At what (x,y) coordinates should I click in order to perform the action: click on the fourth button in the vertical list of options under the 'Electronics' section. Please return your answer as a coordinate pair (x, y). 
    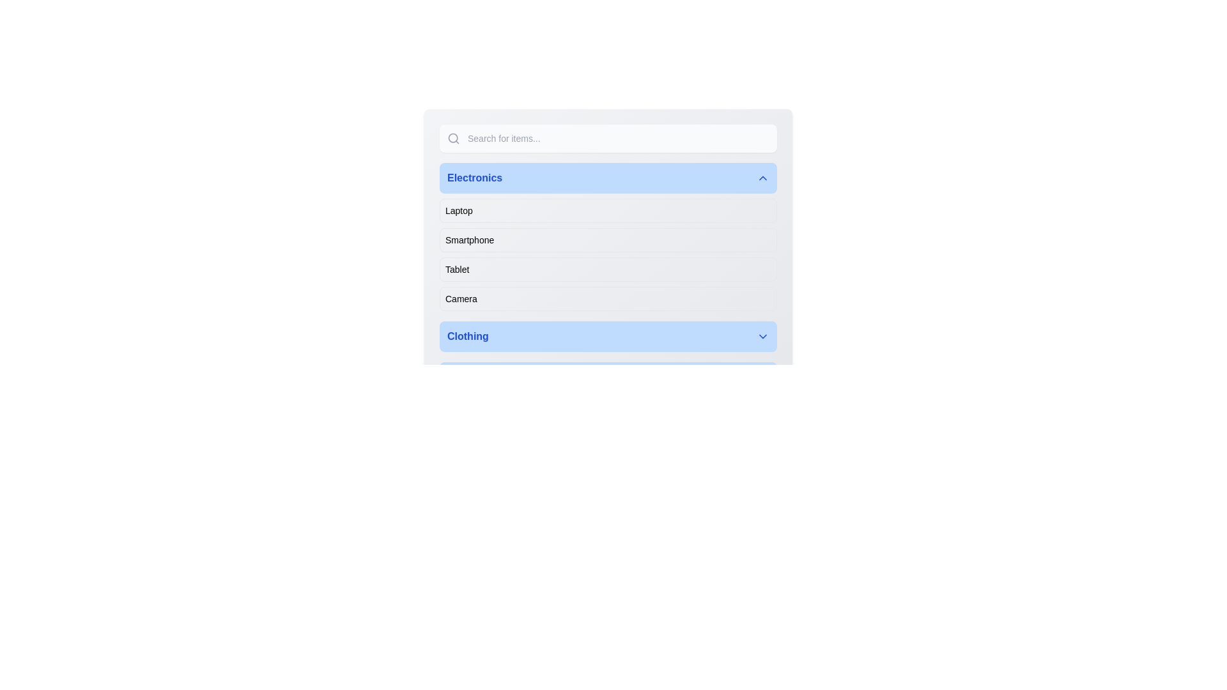
    Looking at the image, I should click on (607, 298).